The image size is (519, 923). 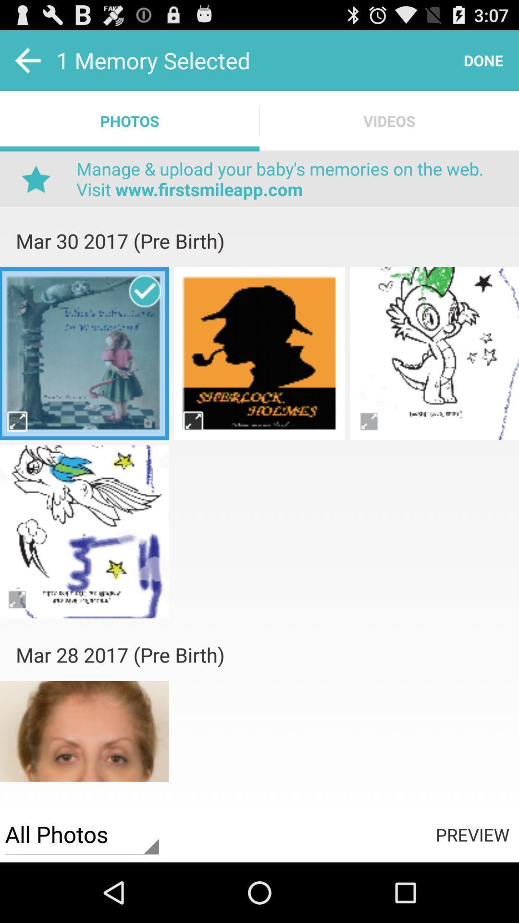 What do you see at coordinates (193, 421) in the screenshot?
I see `expand memory` at bounding box center [193, 421].